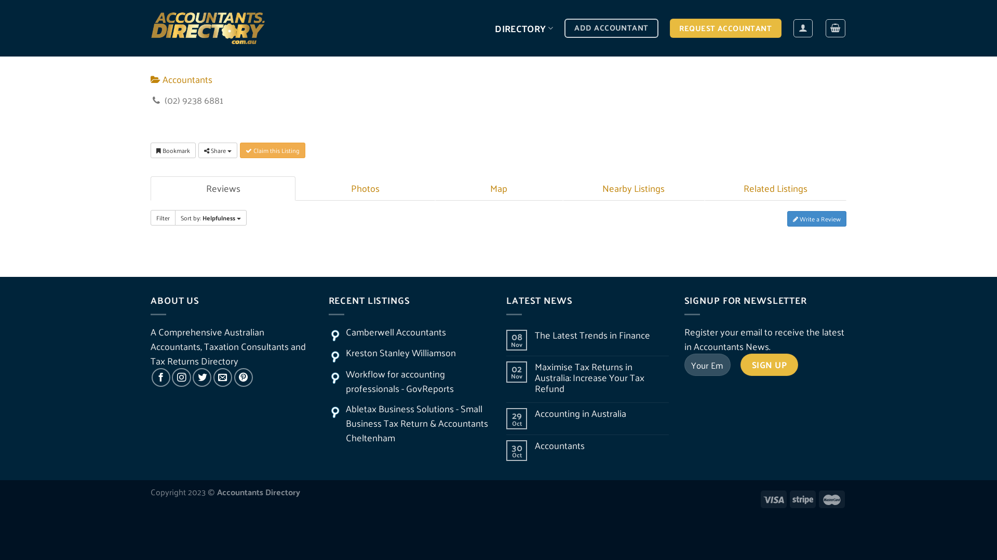  I want to click on 'Maximise Tax Returns in Australia: Increase Your Tax Refund', so click(535, 377).